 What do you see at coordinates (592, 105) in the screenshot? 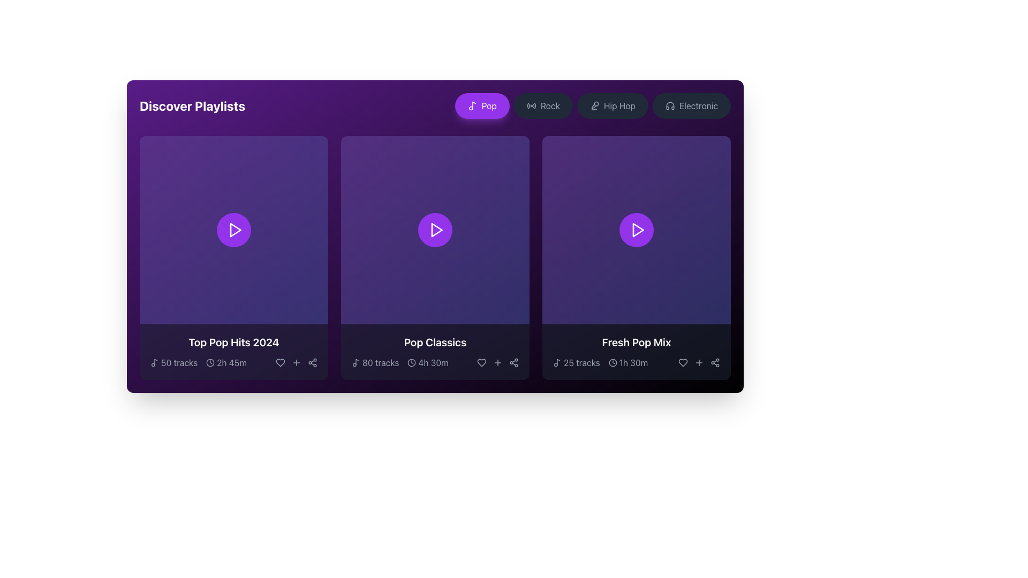
I see `the 'Hip Hop' genre button located between 'Rock' and 'Electronic' in the genre tabs section under 'Discover Playlists'` at bounding box center [592, 105].